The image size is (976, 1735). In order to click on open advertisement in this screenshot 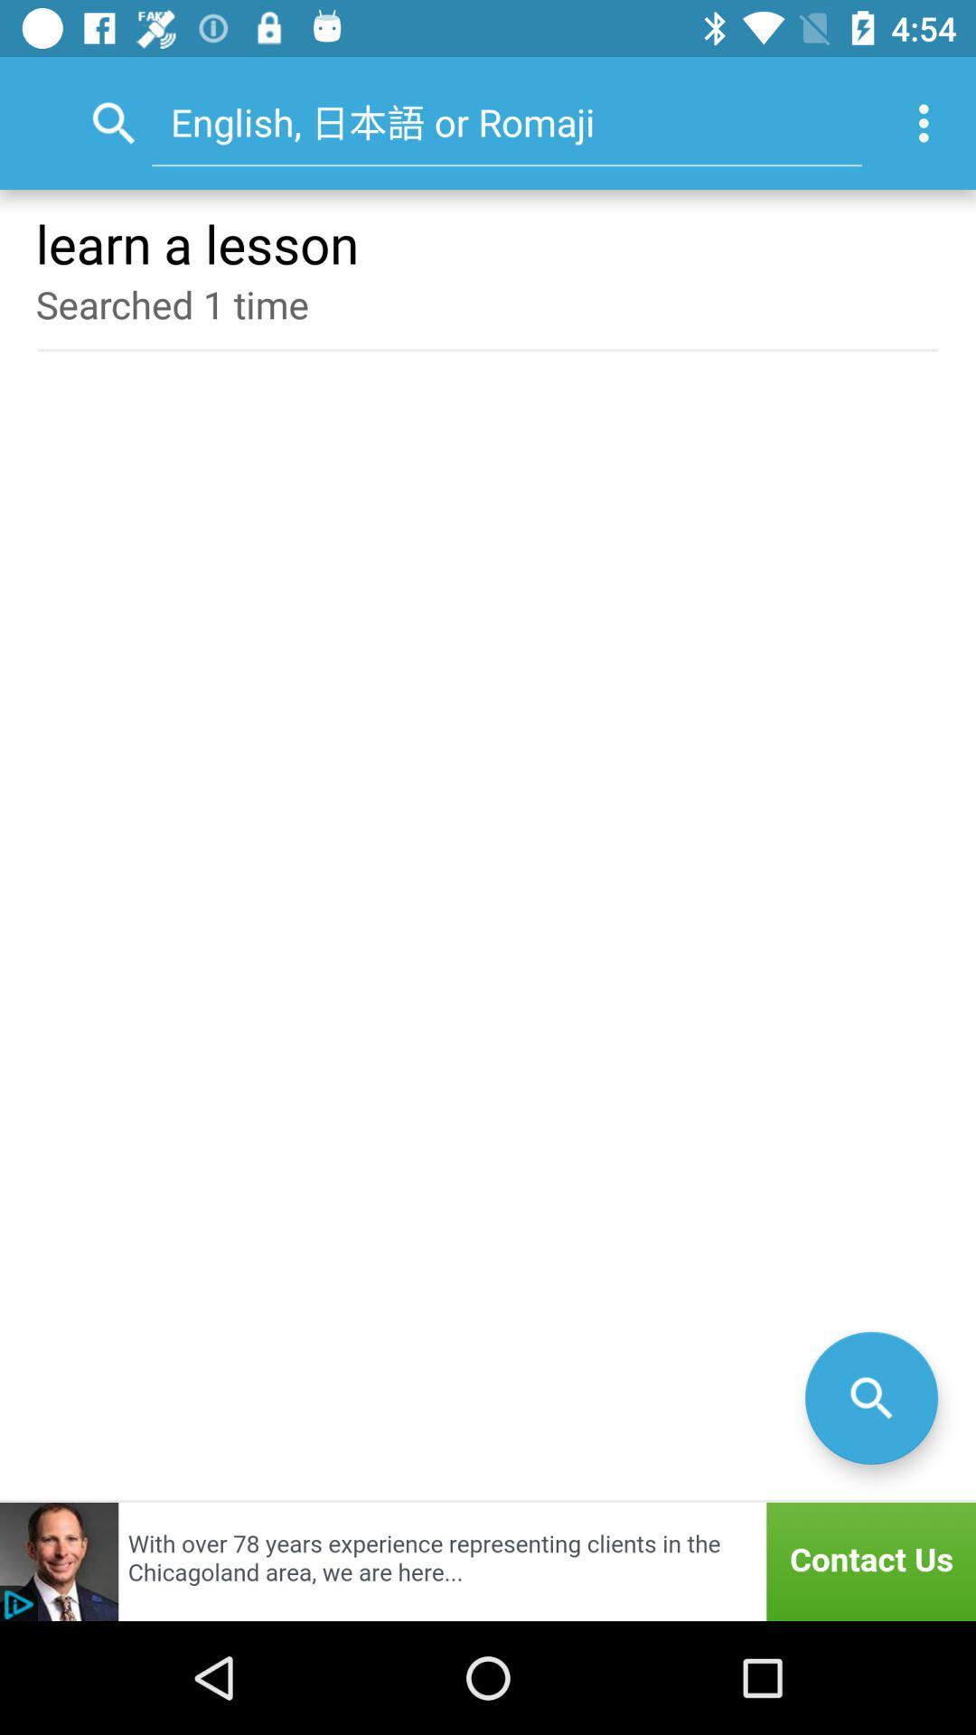, I will do `click(488, 1561)`.